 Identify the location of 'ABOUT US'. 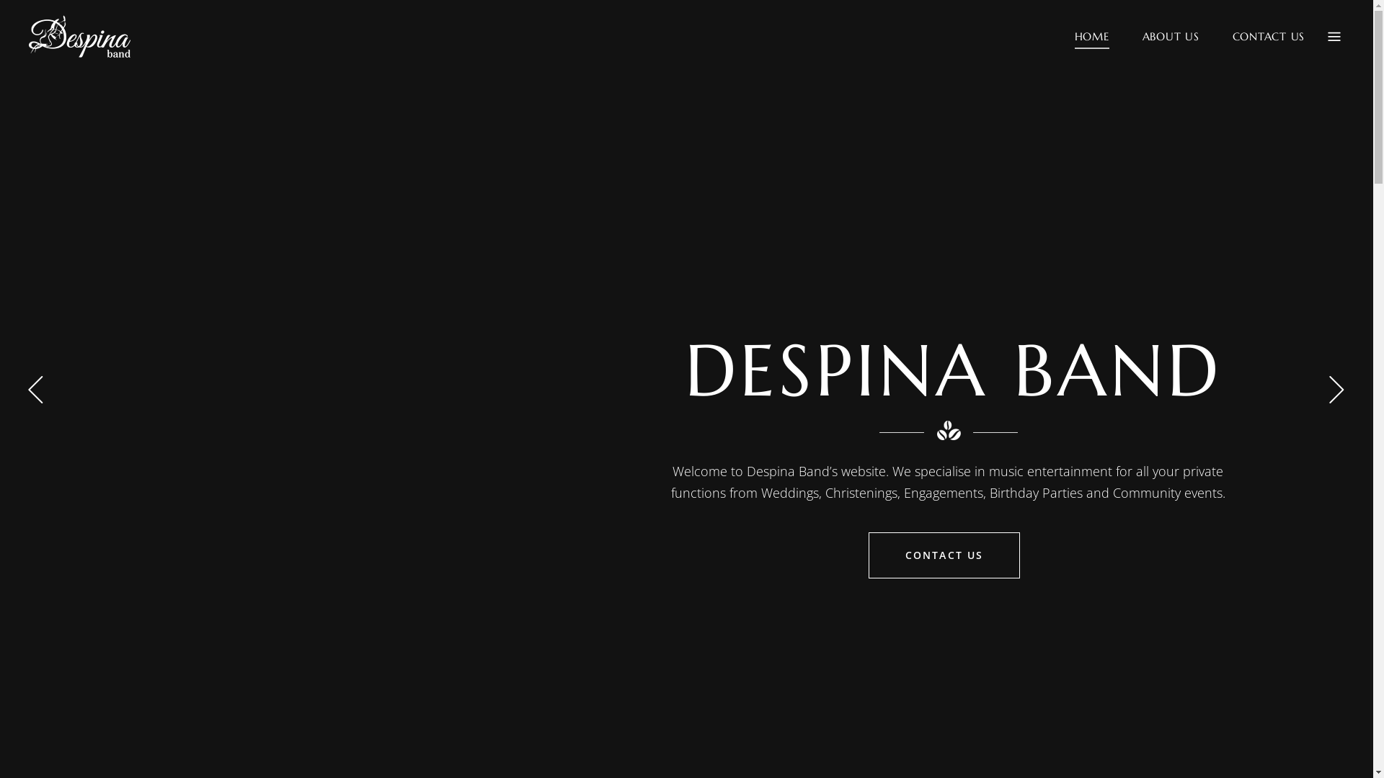
(1171, 35).